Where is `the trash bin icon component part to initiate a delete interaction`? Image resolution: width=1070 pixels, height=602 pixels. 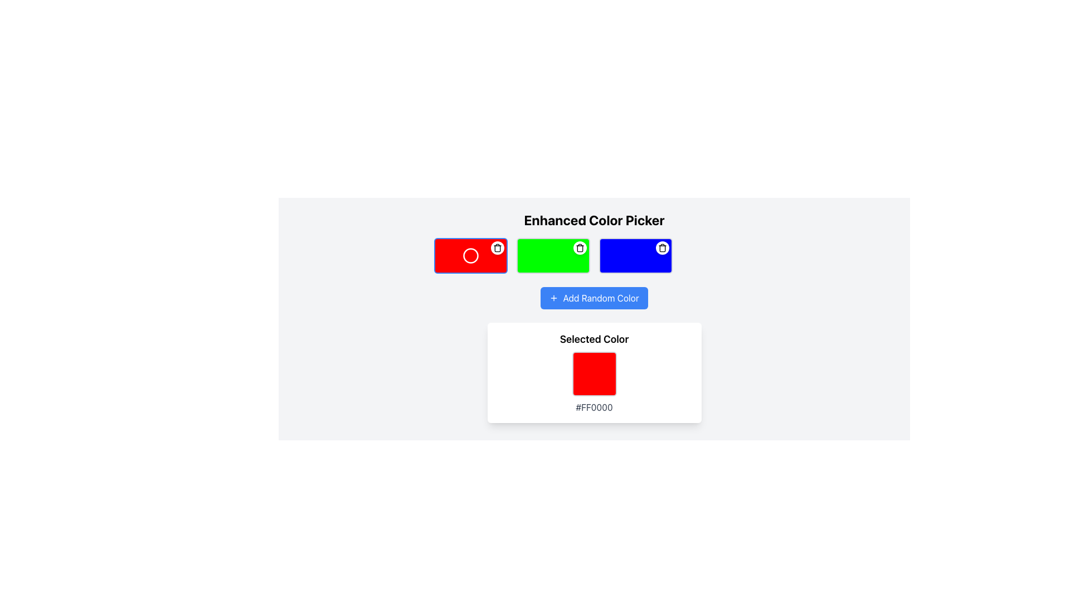 the trash bin icon component part to initiate a delete interaction is located at coordinates (580, 248).